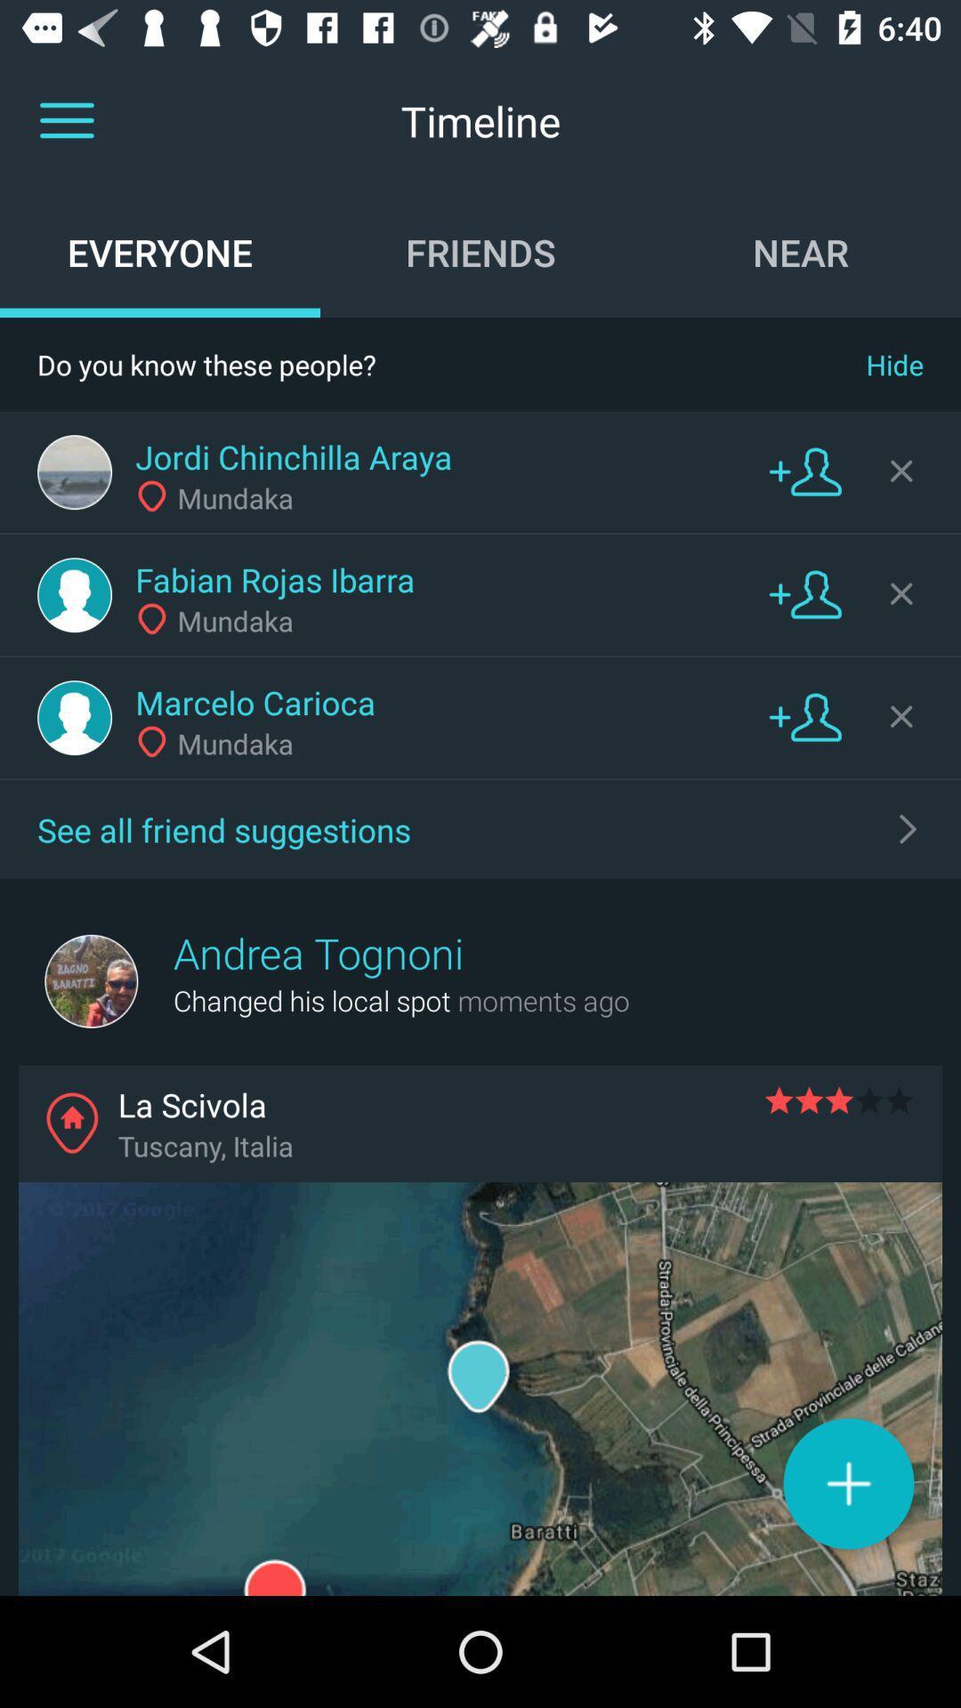 The height and width of the screenshot is (1708, 961). What do you see at coordinates (901, 716) in the screenshot?
I see `hide this contact` at bounding box center [901, 716].